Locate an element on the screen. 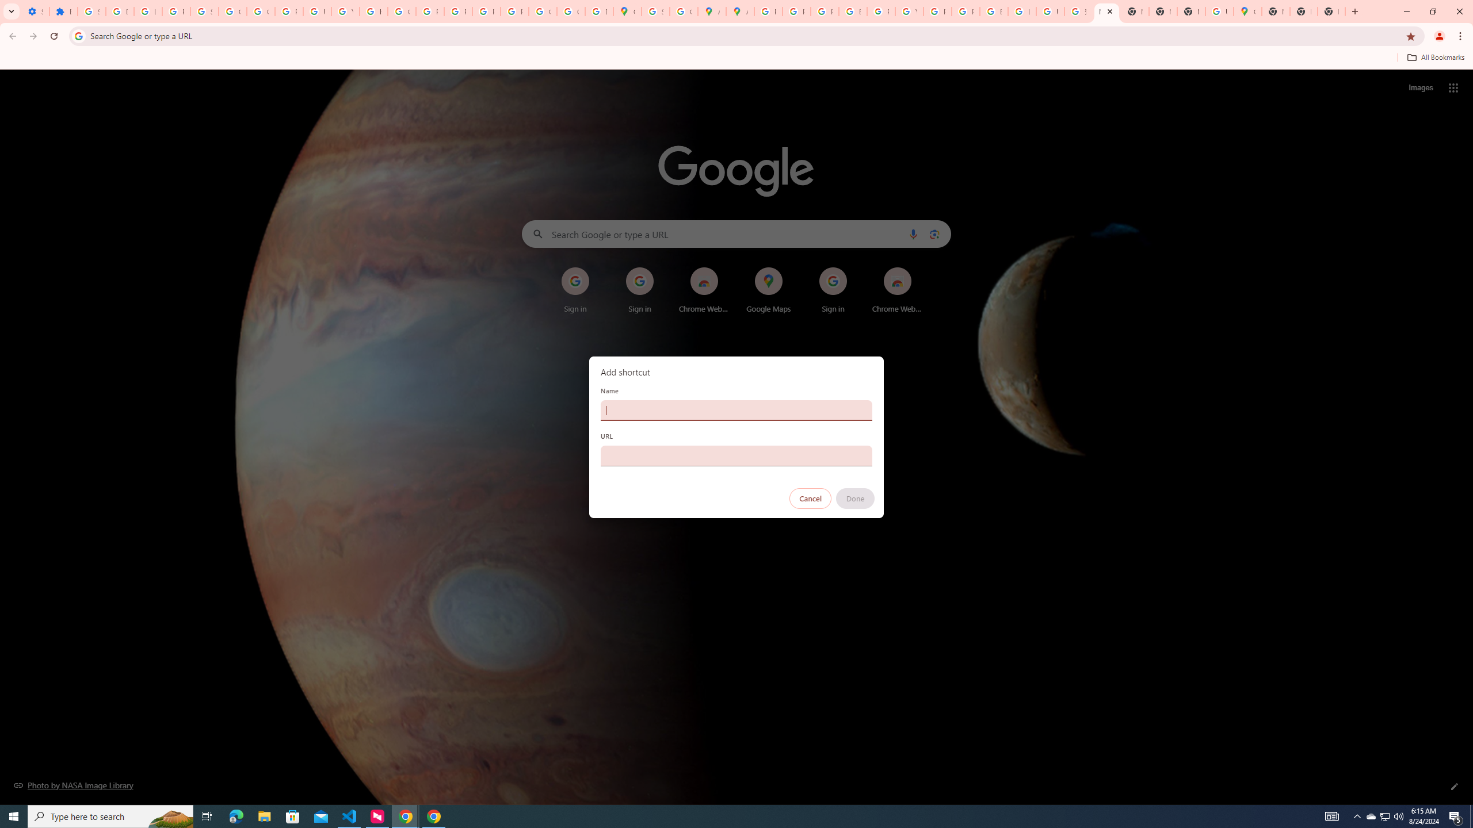 This screenshot has height=828, width=1473. 'Learn how to find your photos - Google Photos Help' is located at coordinates (148, 11).